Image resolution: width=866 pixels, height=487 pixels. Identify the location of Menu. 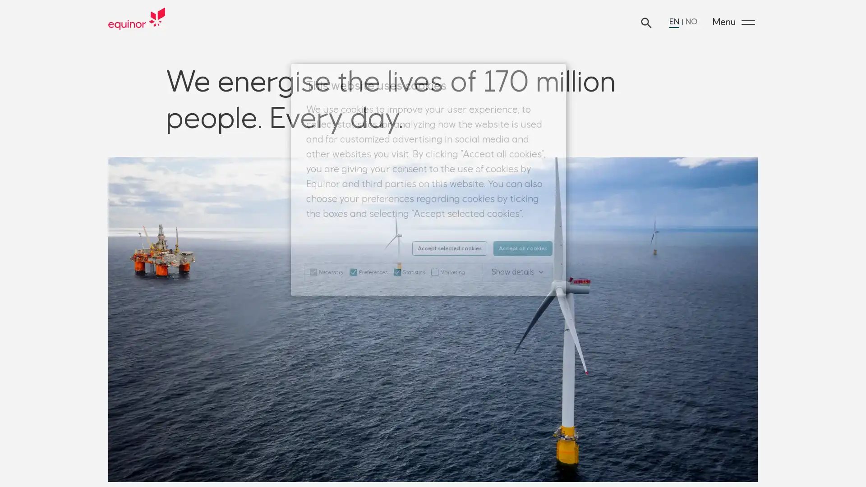
(733, 22).